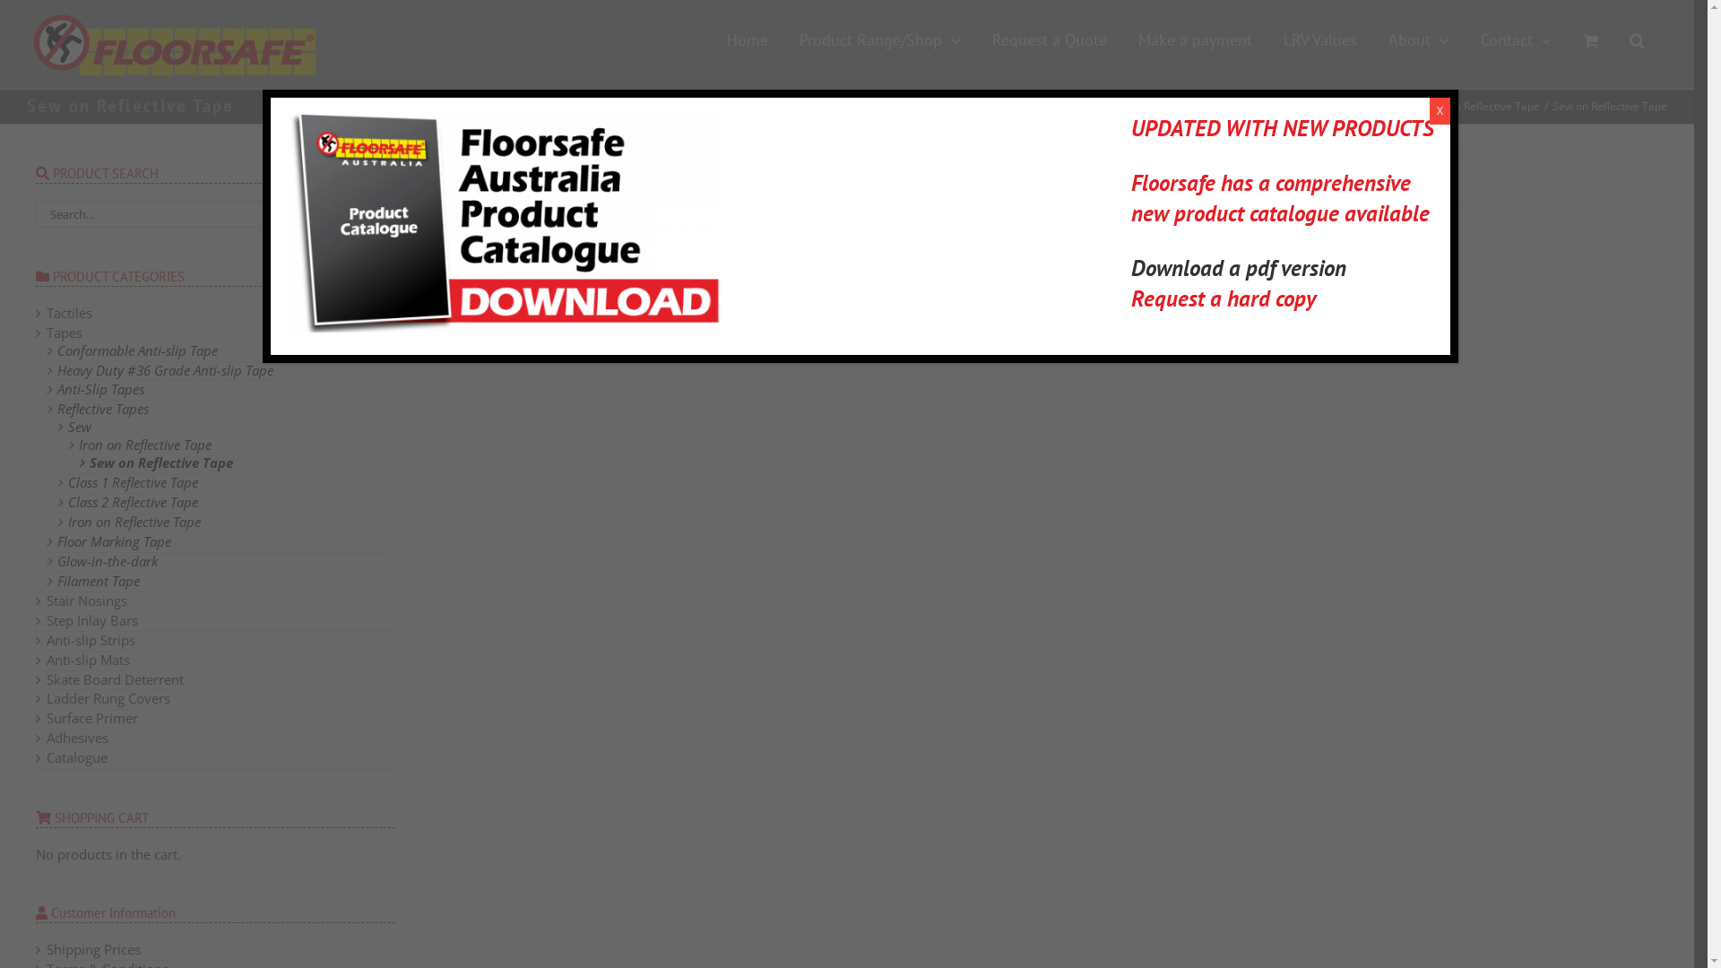  What do you see at coordinates (76, 756) in the screenshot?
I see `'Catalogue'` at bounding box center [76, 756].